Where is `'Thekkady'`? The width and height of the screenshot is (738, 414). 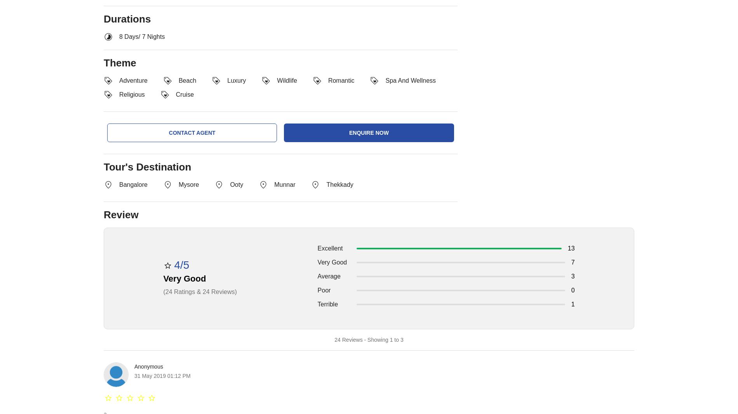 'Thekkady' is located at coordinates (339, 184).